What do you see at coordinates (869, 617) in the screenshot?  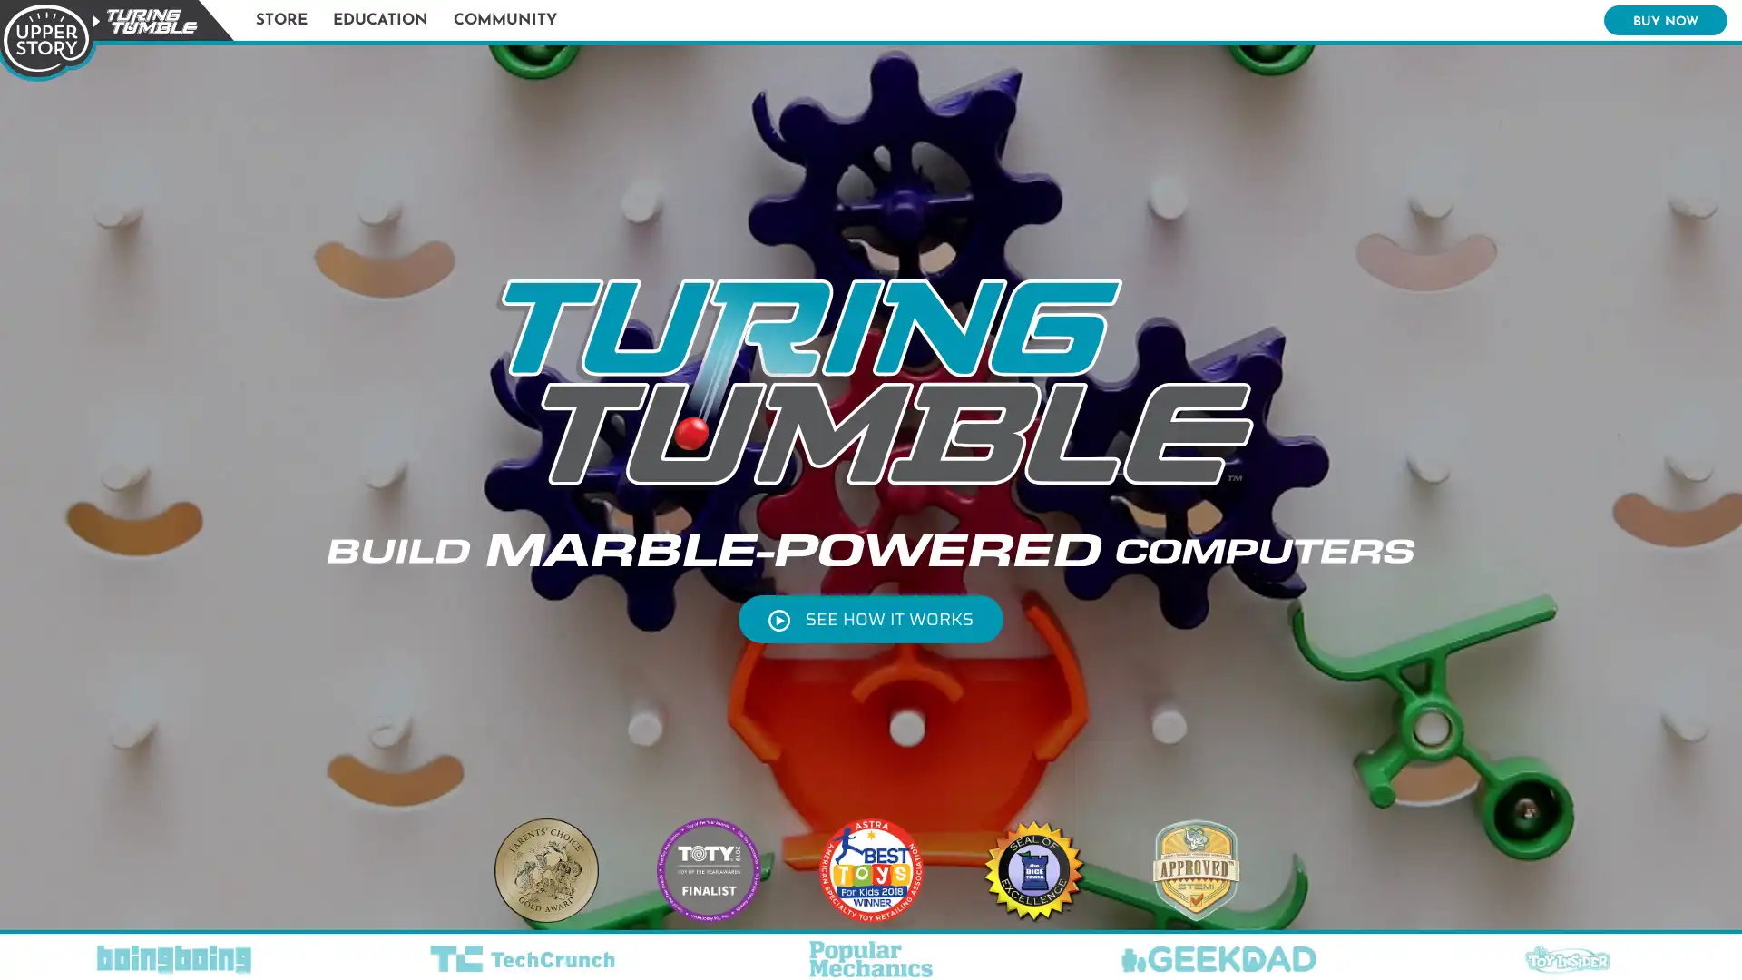 I see `play icon SEE HOW IT WORKS` at bounding box center [869, 617].